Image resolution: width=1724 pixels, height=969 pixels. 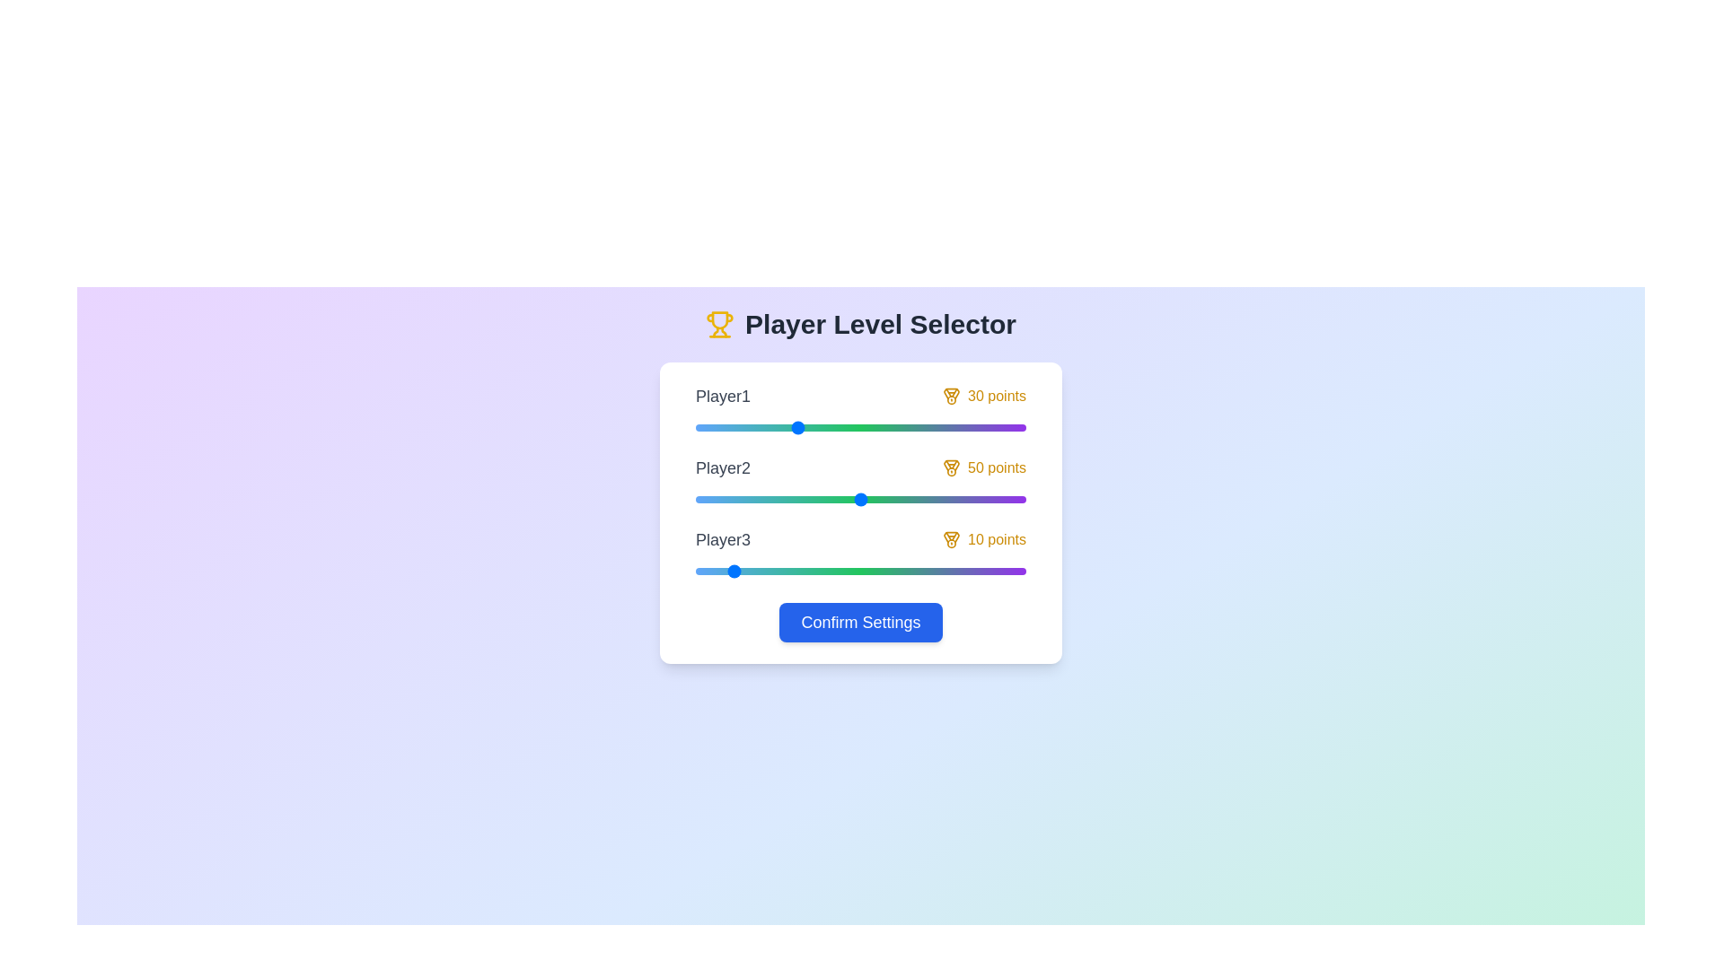 I want to click on the slider for Player3 to set their level to 76, so click(x=946, y=571).